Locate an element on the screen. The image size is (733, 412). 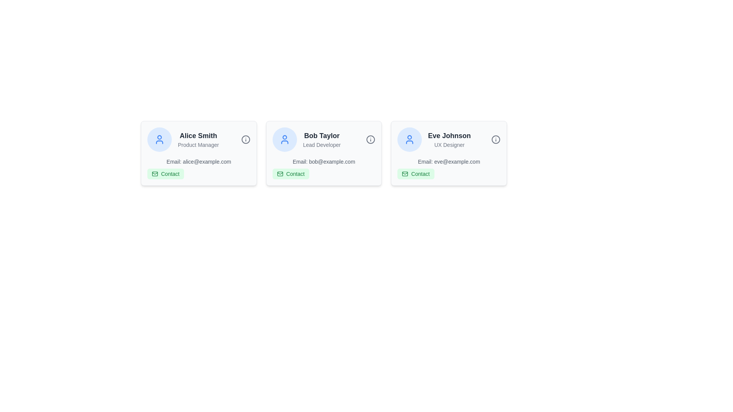
the decorative icon representing the email functionality located at the bottom section of the card for 'Eve Johnson' is located at coordinates (405, 174).